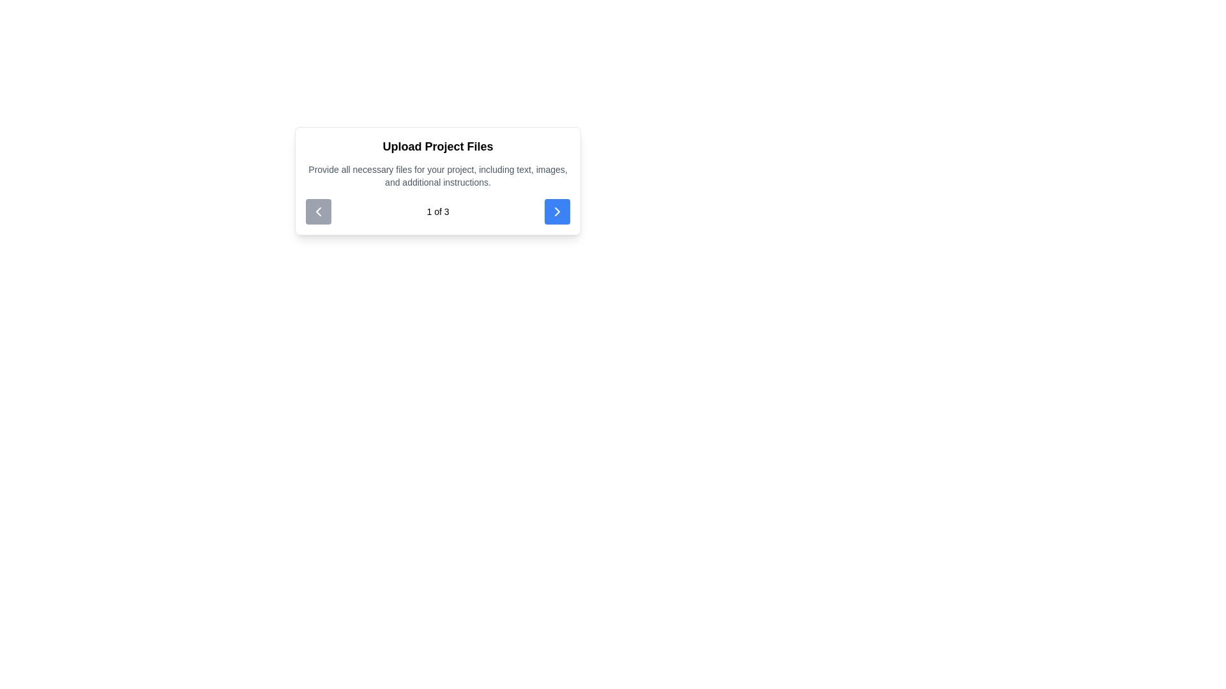  What do you see at coordinates (557, 211) in the screenshot?
I see `the blue button with a right-pointing chevron icon located on the far right of the navigation control` at bounding box center [557, 211].